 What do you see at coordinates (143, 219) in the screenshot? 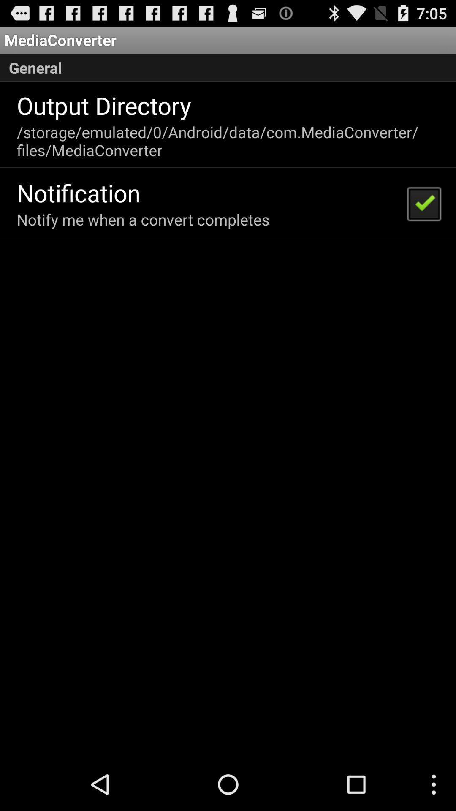
I see `icon below the notification item` at bounding box center [143, 219].